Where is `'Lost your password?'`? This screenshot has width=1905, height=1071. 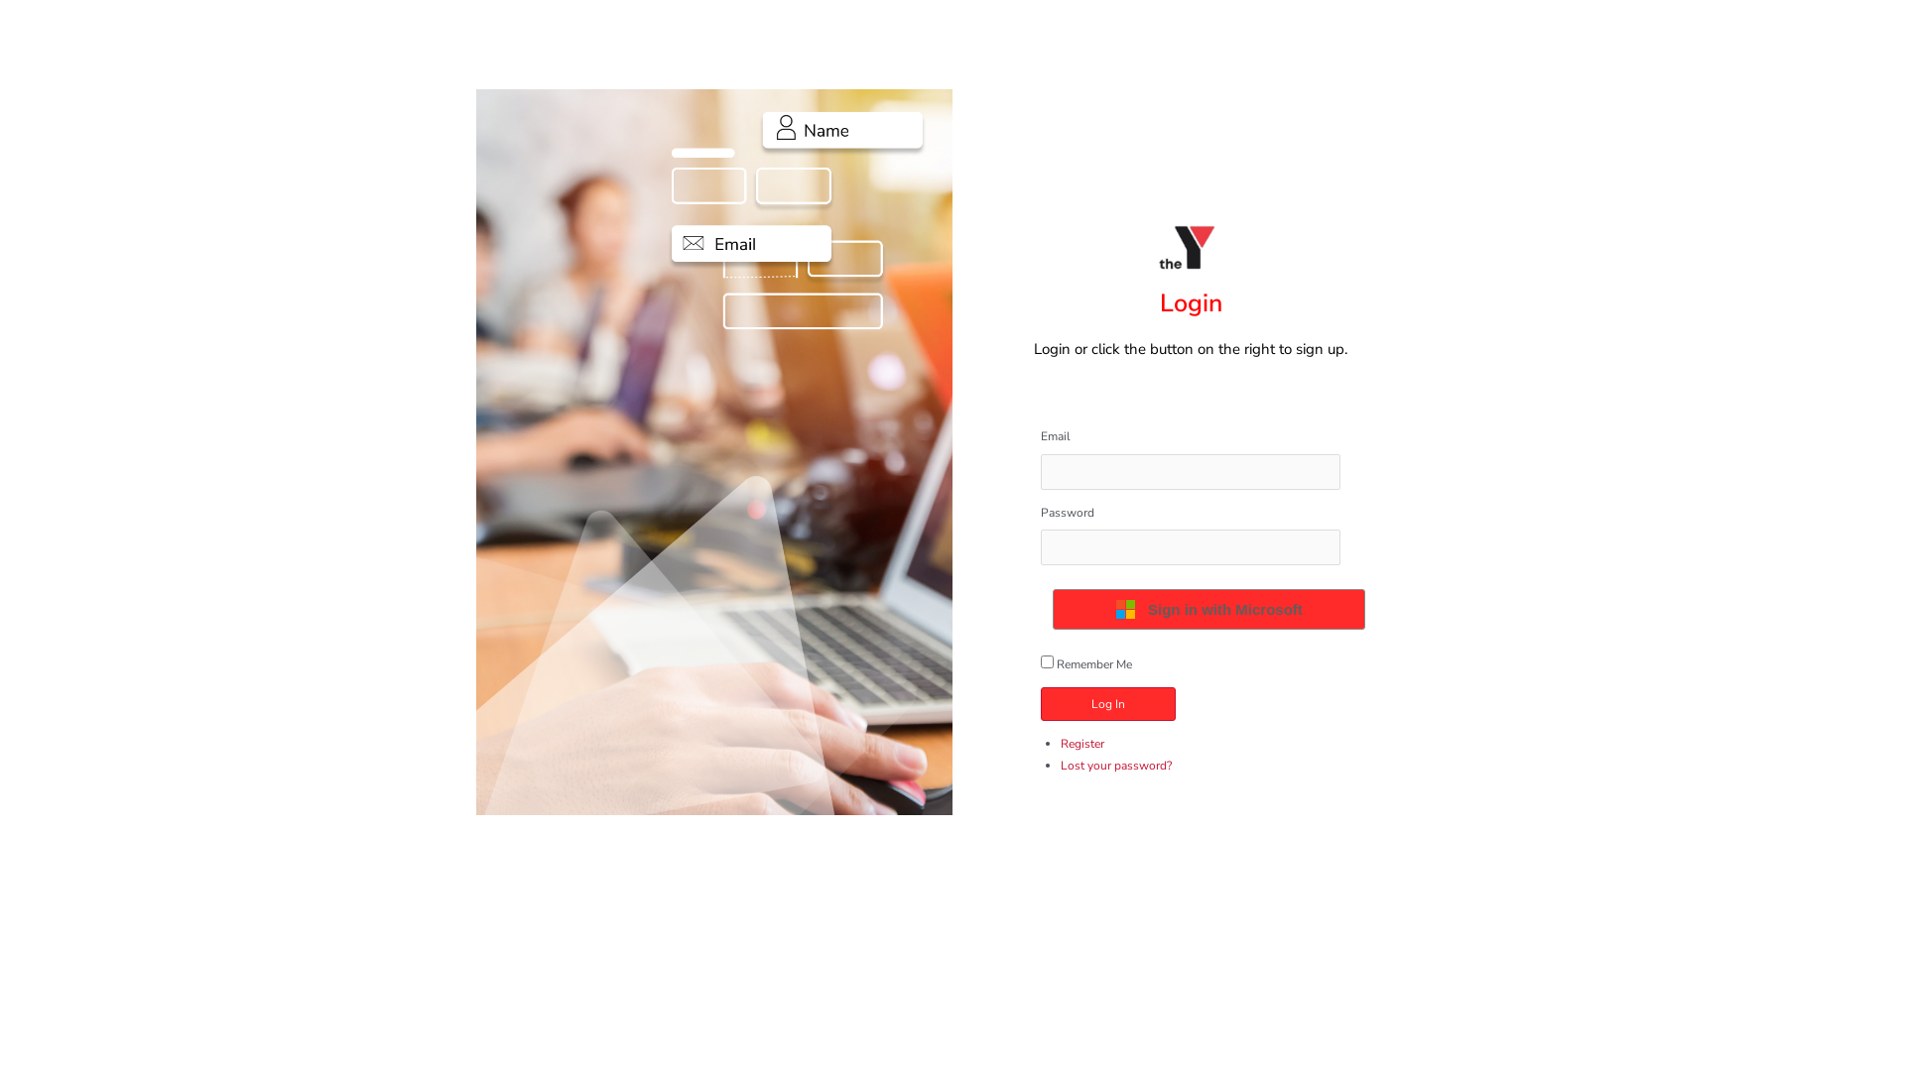
'Lost your password?' is located at coordinates (1115, 764).